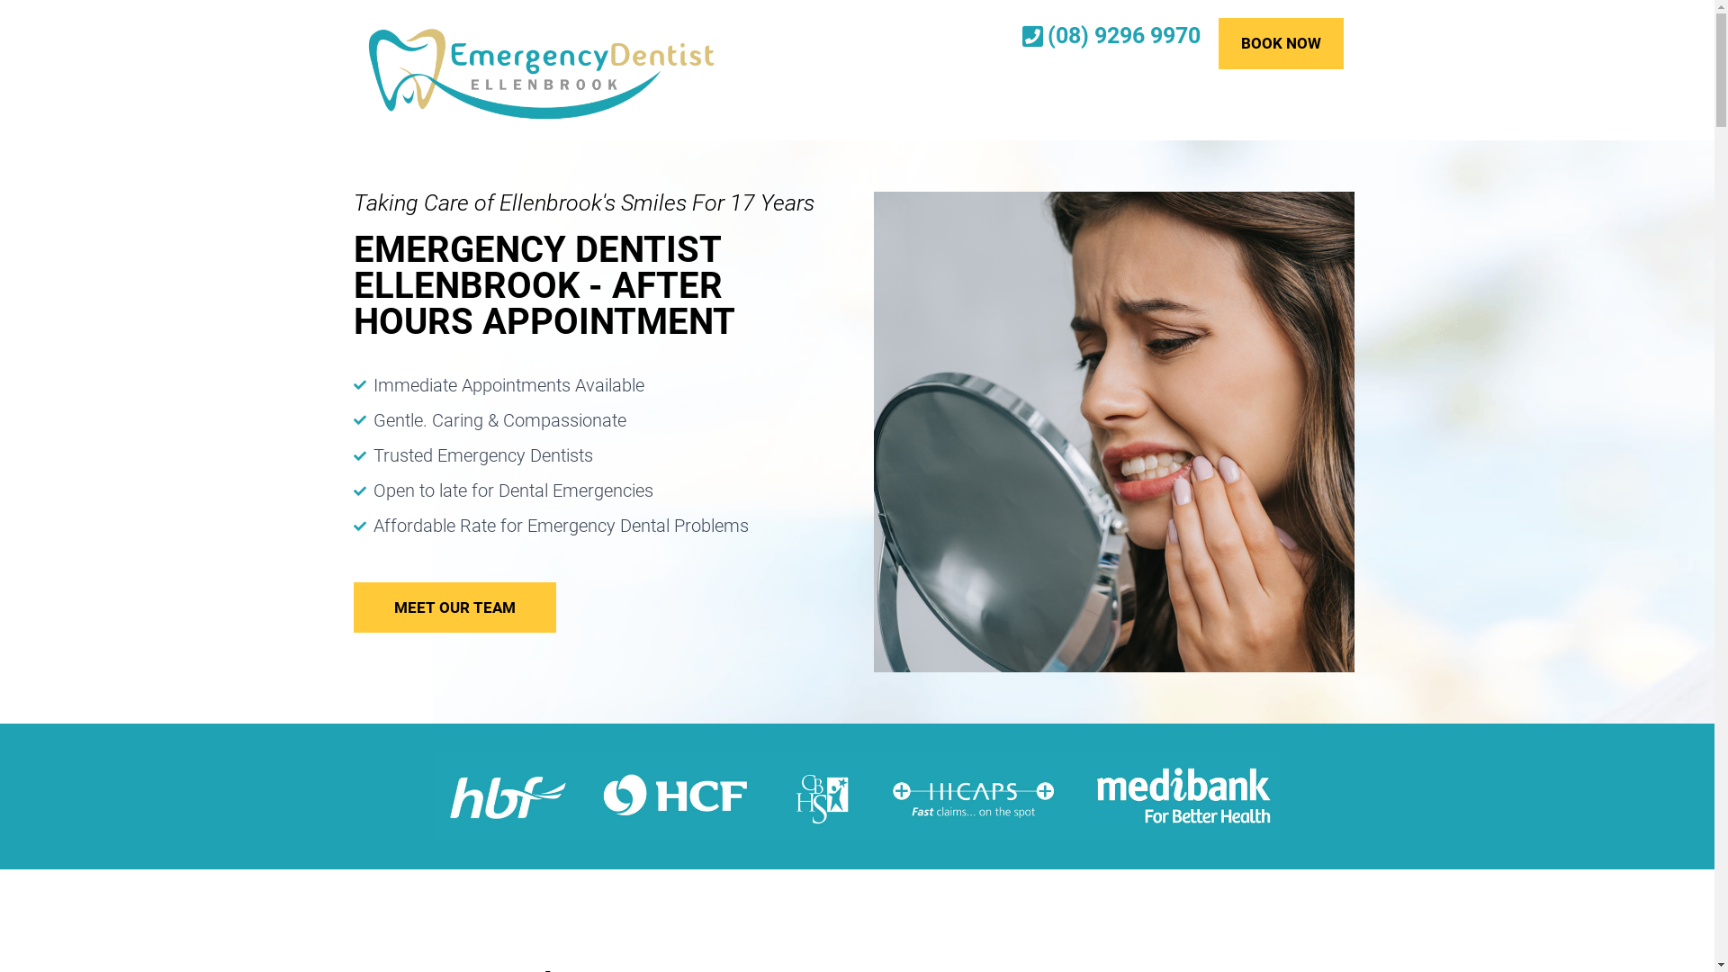  What do you see at coordinates (353, 607) in the screenshot?
I see `'MEET OUR TEAM'` at bounding box center [353, 607].